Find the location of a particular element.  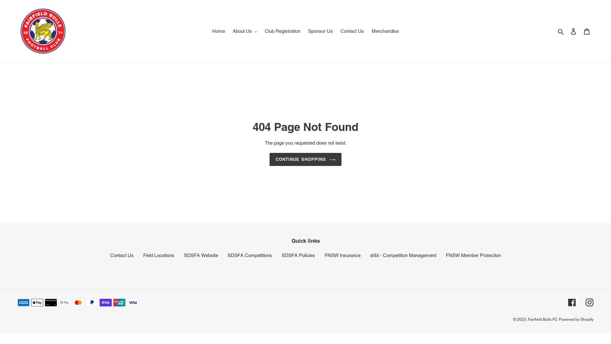

'Instagram' is located at coordinates (589, 302).